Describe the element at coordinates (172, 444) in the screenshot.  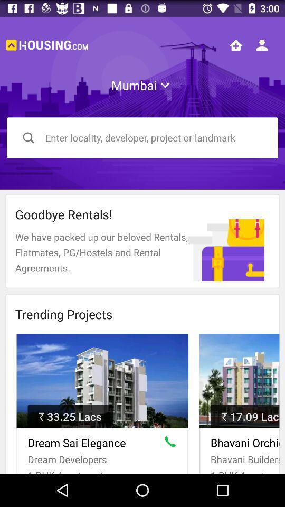
I see `the icon to the right of the dream sai elegance` at that location.